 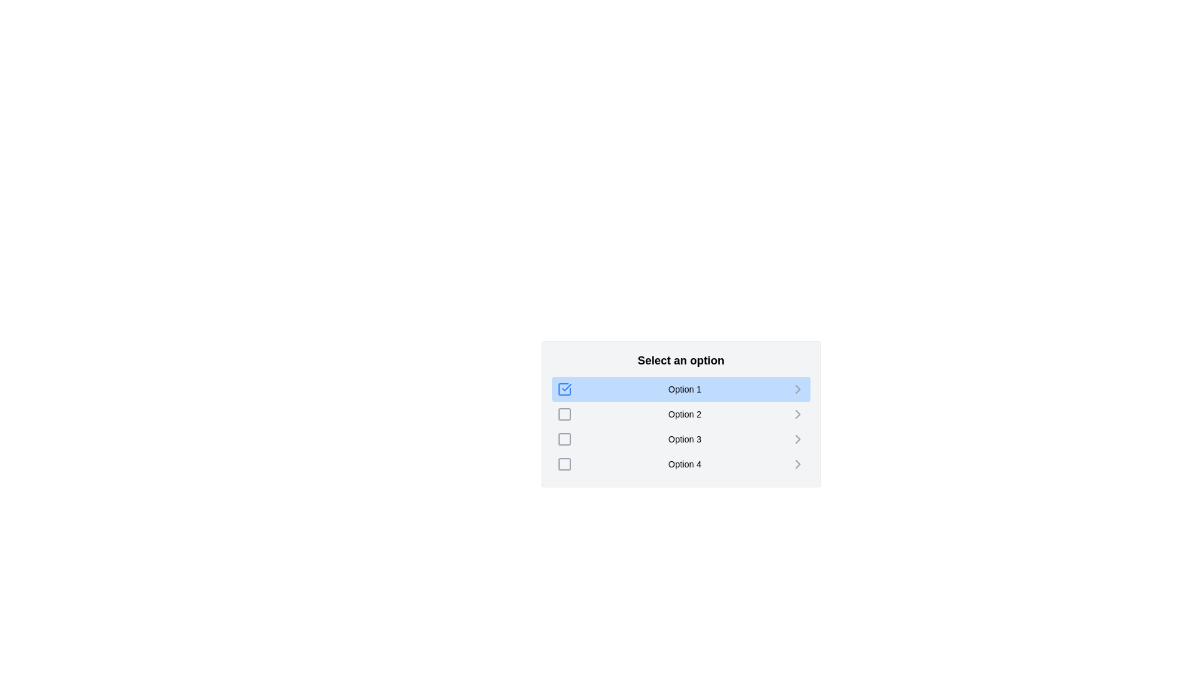 I want to click on the Checkbox icon, which is a blue-bordered square with a checkmark, located to the left of the text 'Option 1', so click(x=563, y=389).